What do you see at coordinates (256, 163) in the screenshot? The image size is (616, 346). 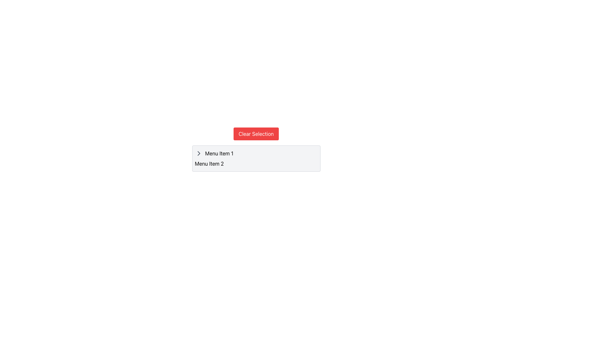 I see `the second menu item, 'Menu Item 2'` at bounding box center [256, 163].